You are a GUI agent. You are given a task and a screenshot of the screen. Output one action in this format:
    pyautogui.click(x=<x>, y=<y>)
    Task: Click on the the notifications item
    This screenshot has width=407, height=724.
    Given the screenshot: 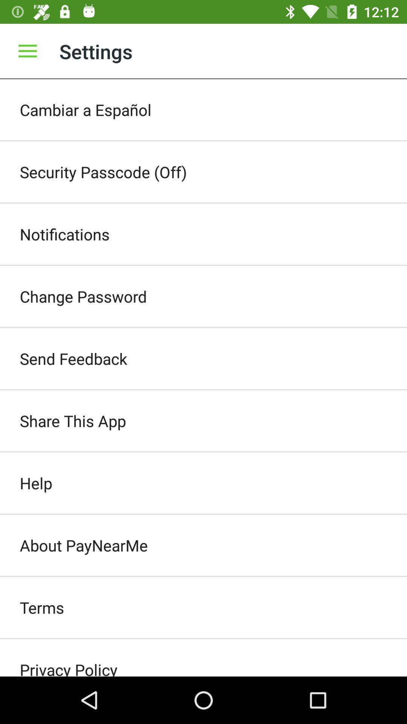 What is the action you would take?
    pyautogui.click(x=203, y=233)
    